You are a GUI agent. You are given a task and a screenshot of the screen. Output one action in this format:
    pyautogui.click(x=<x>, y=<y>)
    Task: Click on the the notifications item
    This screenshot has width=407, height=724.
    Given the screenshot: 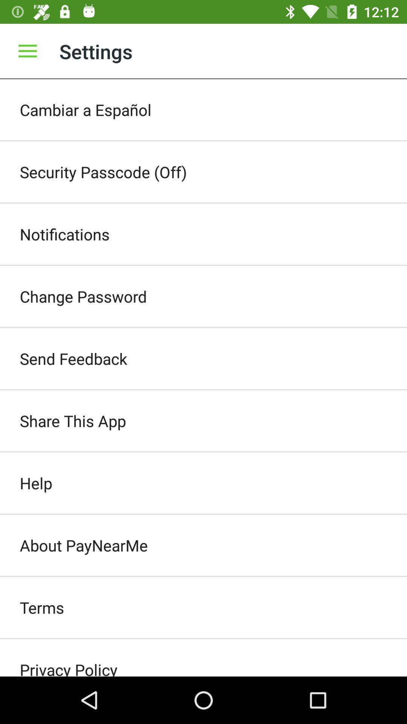 What is the action you would take?
    pyautogui.click(x=203, y=233)
    